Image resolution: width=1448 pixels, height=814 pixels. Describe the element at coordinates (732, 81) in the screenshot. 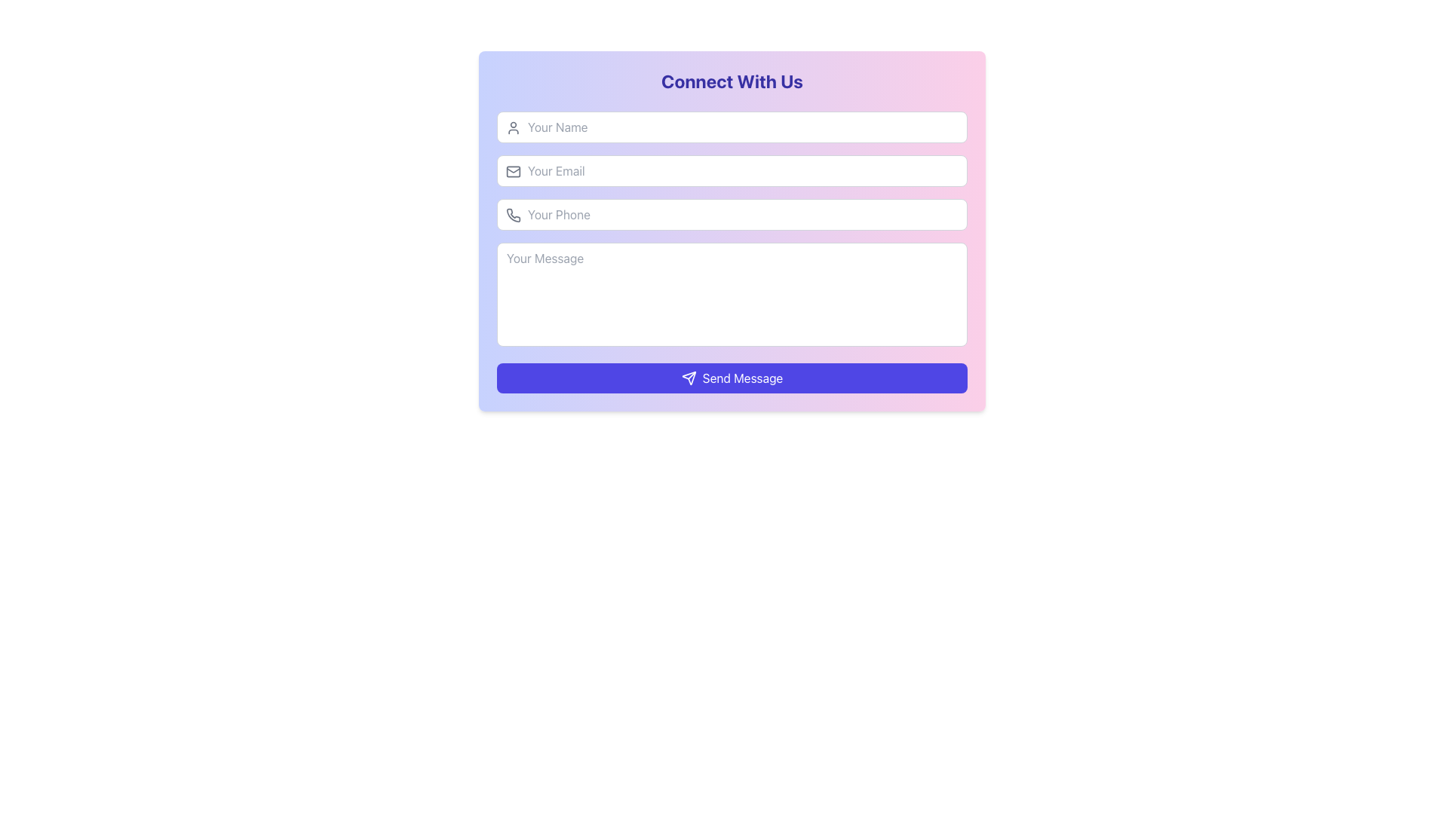

I see `the bold and large header text displaying 'Connect With Us', which is styled in indigo-blue color and positioned at the top center of the panel` at that location.